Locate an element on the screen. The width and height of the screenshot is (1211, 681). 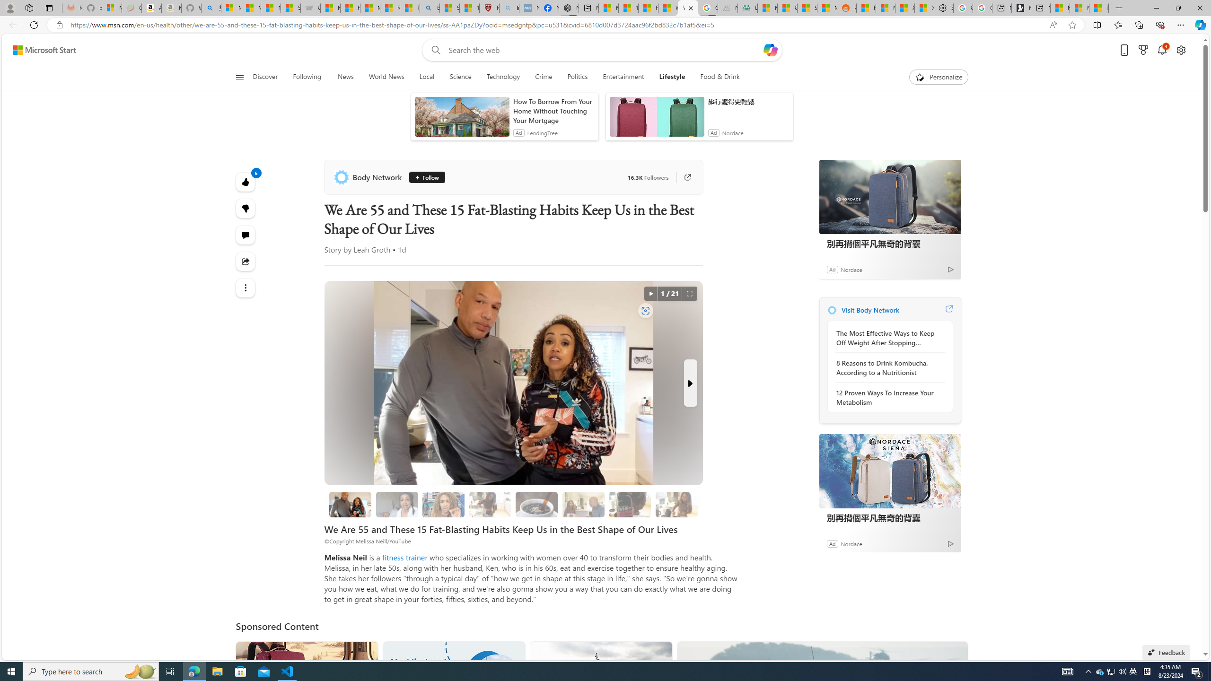
'These 3 Stocks Pay You More Than 5% to Own Them' is located at coordinates (1099, 8).